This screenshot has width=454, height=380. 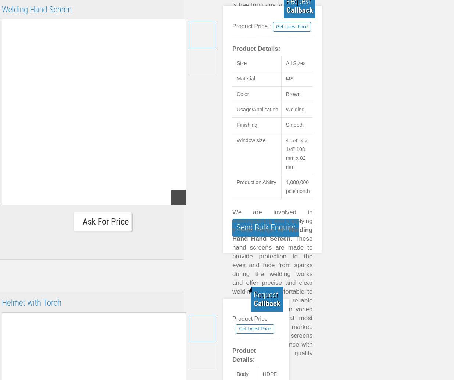 What do you see at coordinates (275, 119) in the screenshot?
I see `':'` at bounding box center [275, 119].